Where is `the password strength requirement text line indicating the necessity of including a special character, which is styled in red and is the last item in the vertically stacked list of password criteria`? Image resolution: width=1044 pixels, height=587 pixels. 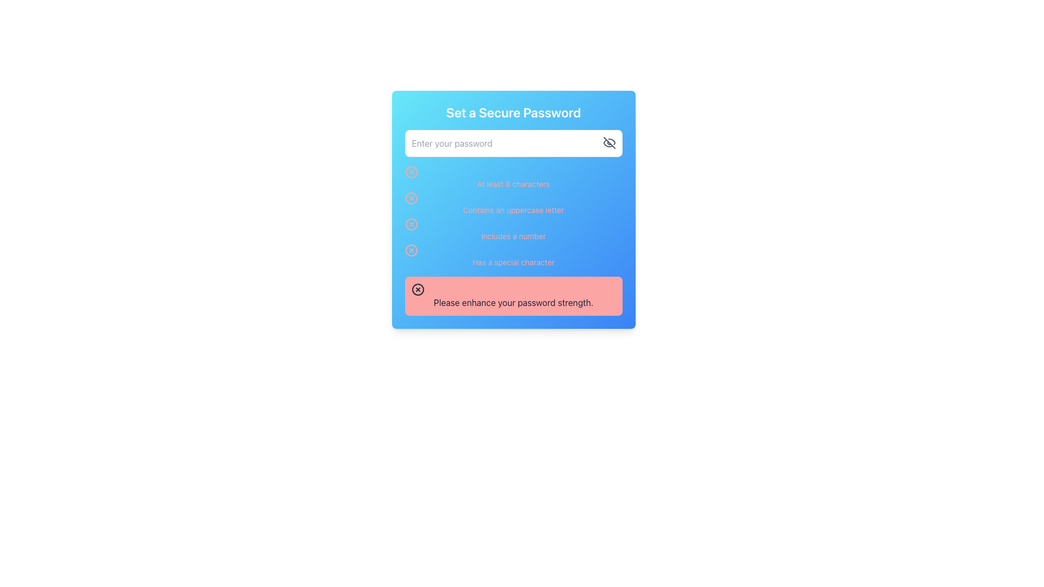
the password strength requirement text line indicating the necessity of including a special character, which is styled in red and is the last item in the vertically stacked list of password criteria is located at coordinates (513, 255).